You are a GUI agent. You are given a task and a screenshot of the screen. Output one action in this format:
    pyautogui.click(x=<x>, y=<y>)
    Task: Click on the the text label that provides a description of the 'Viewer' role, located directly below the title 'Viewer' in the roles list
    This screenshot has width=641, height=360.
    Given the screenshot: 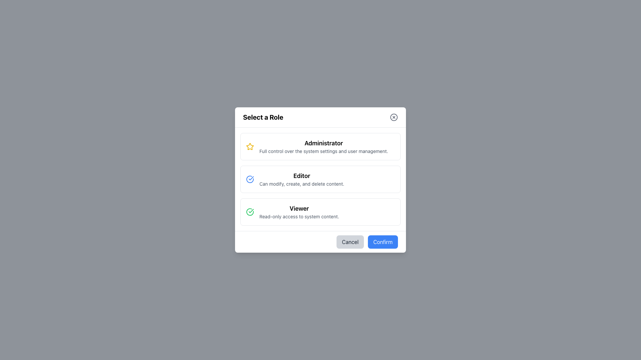 What is the action you would take?
    pyautogui.click(x=299, y=217)
    